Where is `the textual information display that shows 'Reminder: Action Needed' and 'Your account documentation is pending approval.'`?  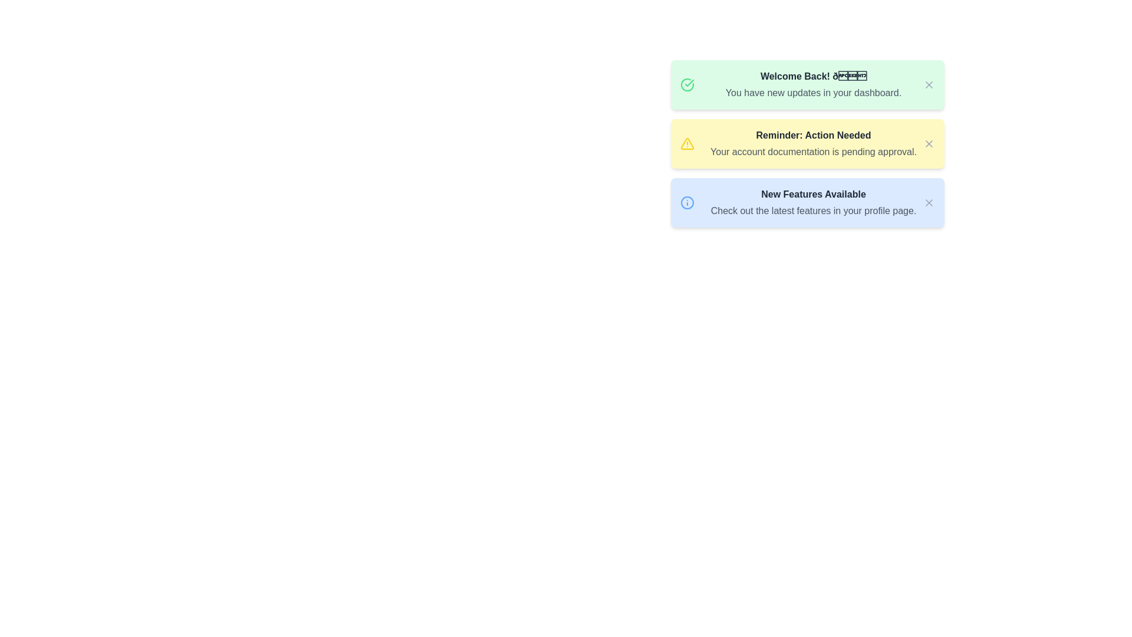 the textual information display that shows 'Reminder: Action Needed' and 'Your account documentation is pending approval.' is located at coordinates (813, 143).